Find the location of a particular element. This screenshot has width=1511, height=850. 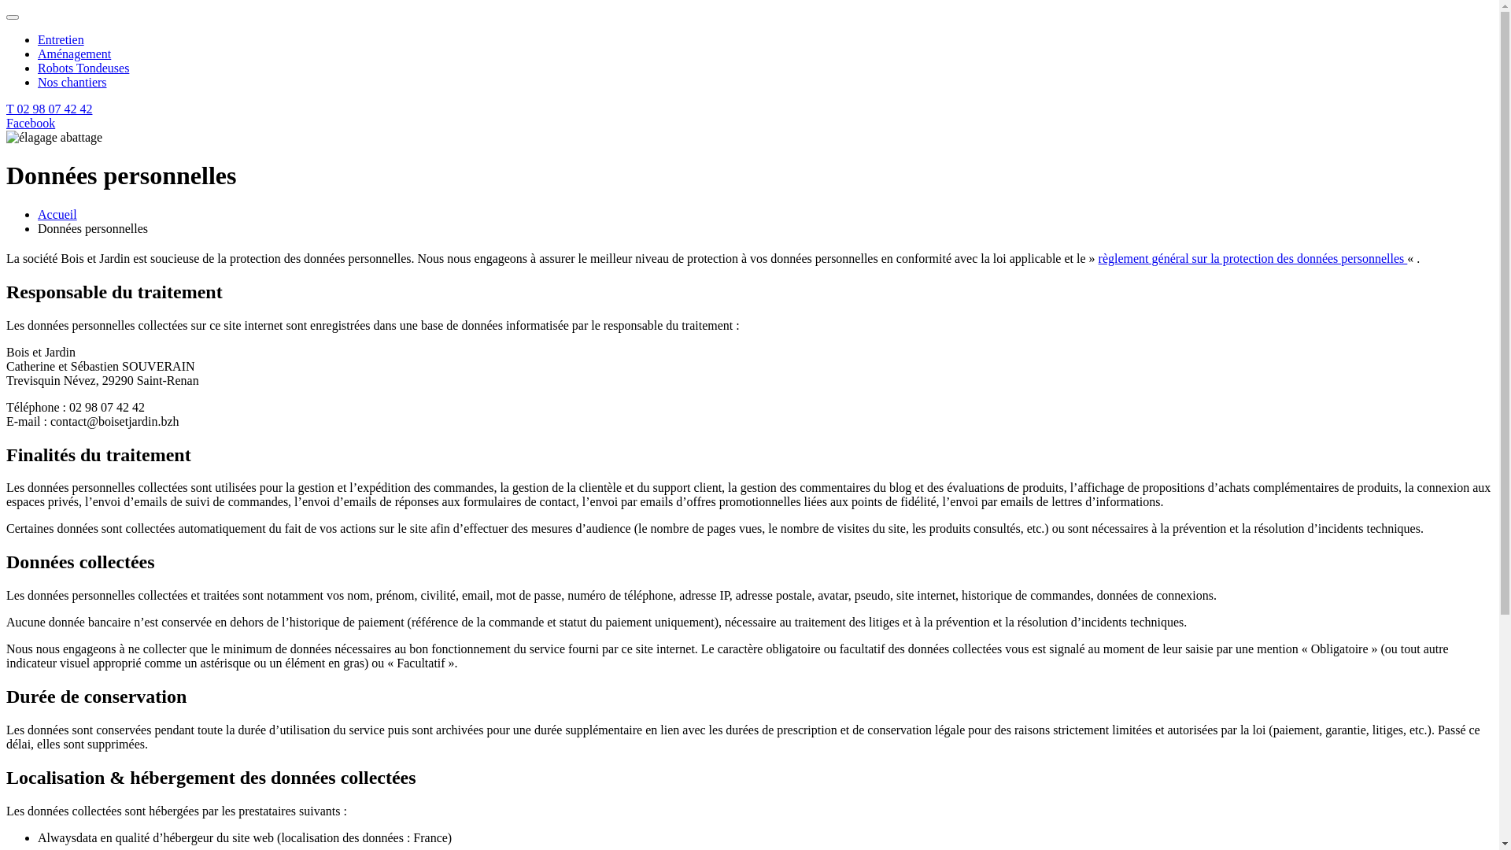

'T 02 98 07 42 42' is located at coordinates (49, 108).